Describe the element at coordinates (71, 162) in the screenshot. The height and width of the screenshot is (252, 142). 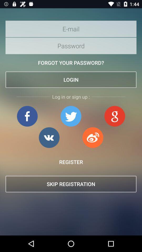
I see `the item above skip registration item` at that location.